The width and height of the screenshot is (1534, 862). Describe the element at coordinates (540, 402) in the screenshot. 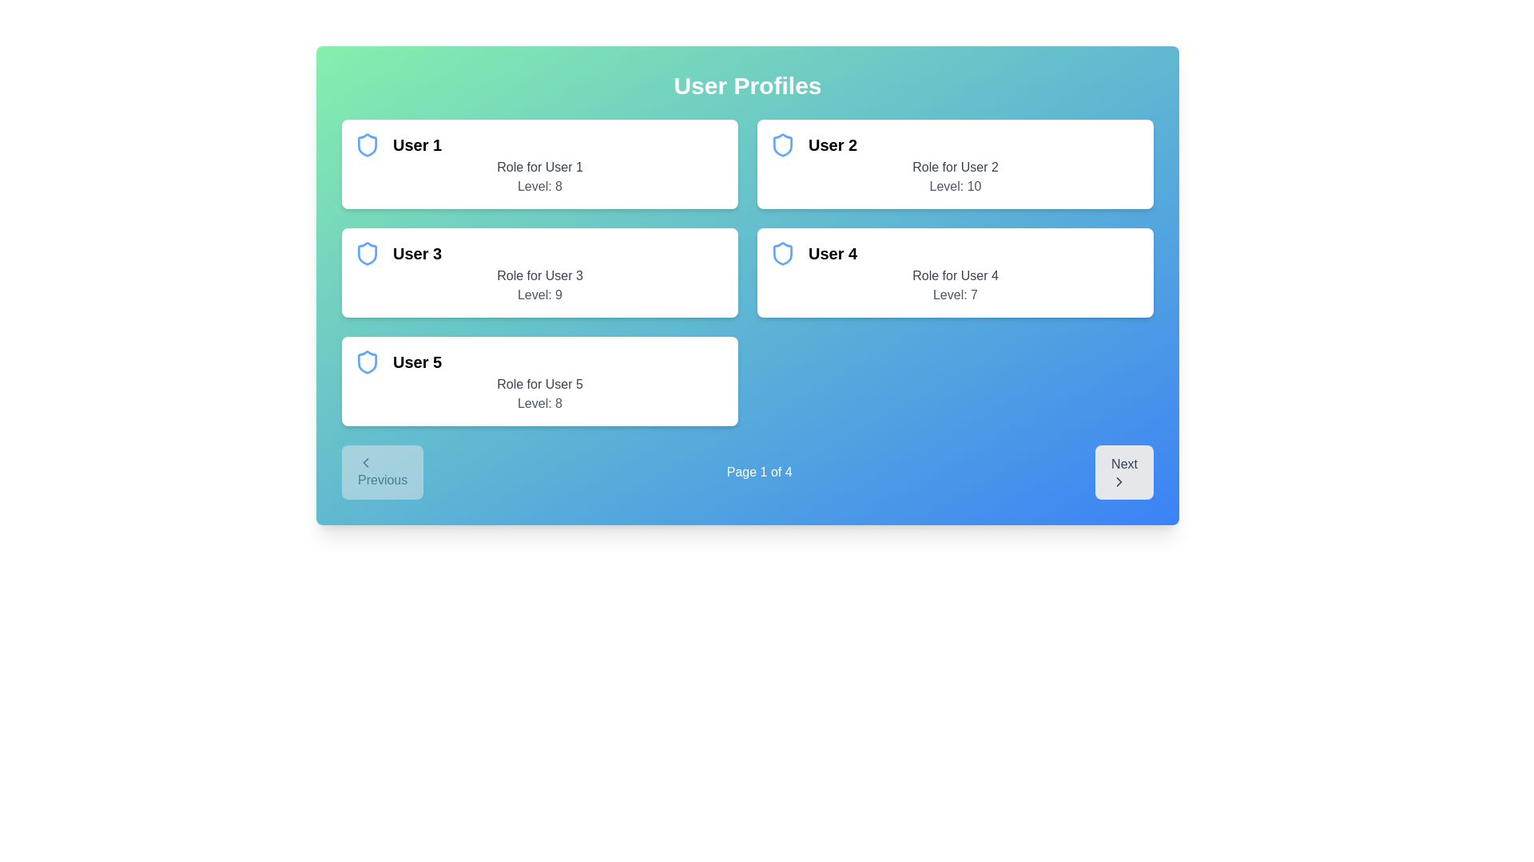

I see `text label indicating the level associated with 'User 5', located at the bottom segment of the card under the 'Role for User 5' text` at that location.